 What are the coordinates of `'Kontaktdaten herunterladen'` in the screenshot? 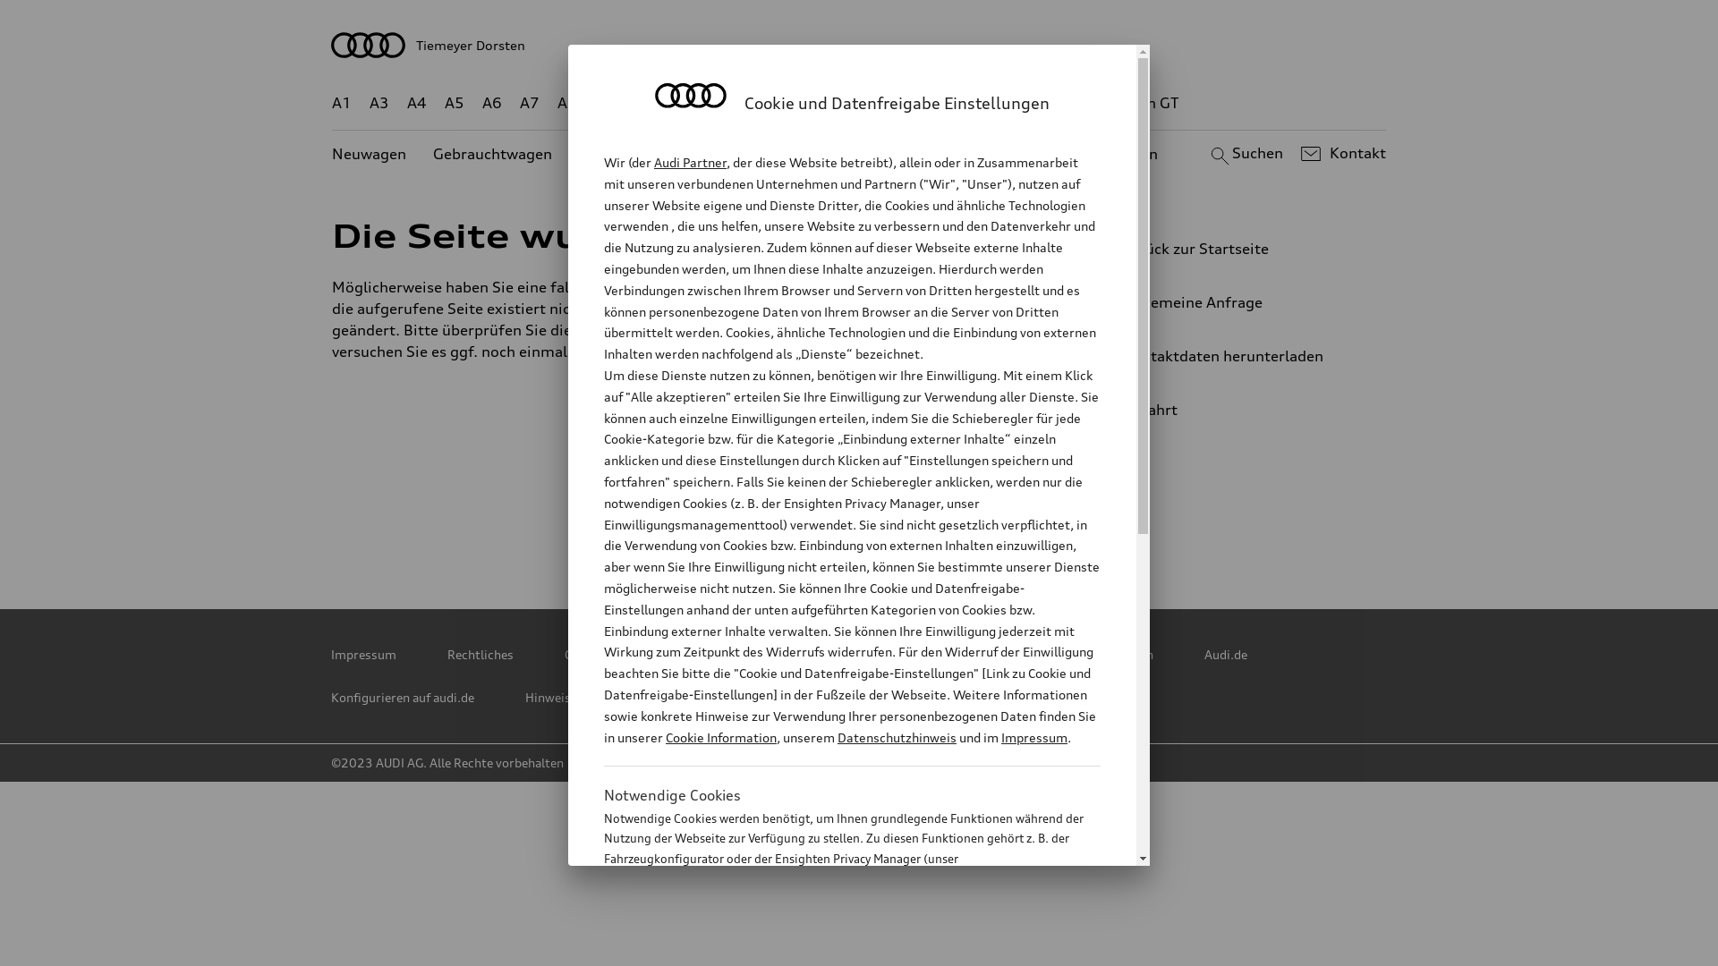 It's located at (1230, 355).